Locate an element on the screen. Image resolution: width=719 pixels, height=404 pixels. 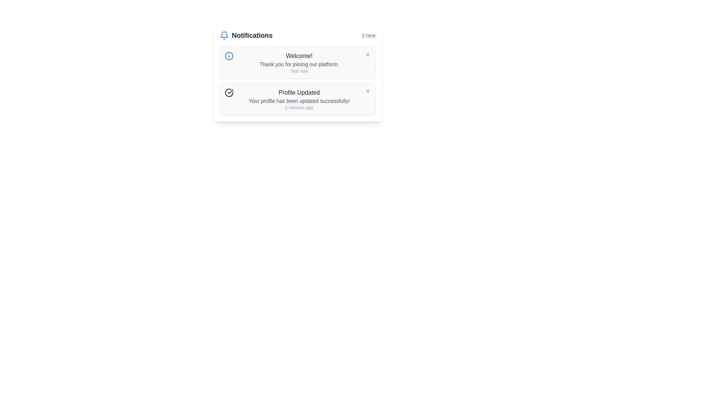
the Text label that provides the relative timestamp for the 'Profile Updated' notification, located at the bottom of the notification entry is located at coordinates (298, 108).